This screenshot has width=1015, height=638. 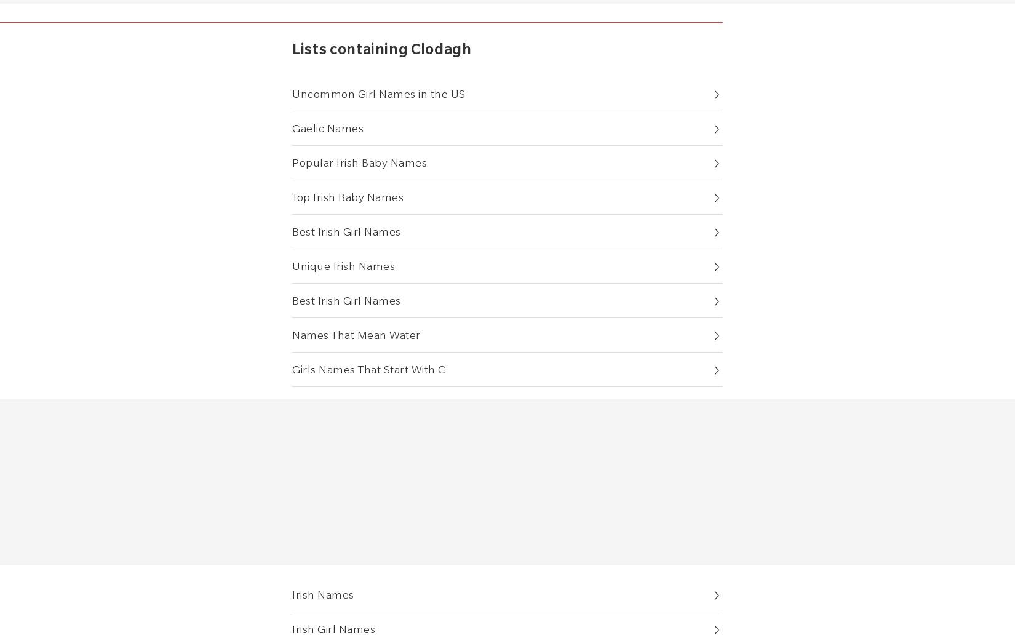 I want to click on 'Popular Irish Baby Names', so click(x=359, y=161).